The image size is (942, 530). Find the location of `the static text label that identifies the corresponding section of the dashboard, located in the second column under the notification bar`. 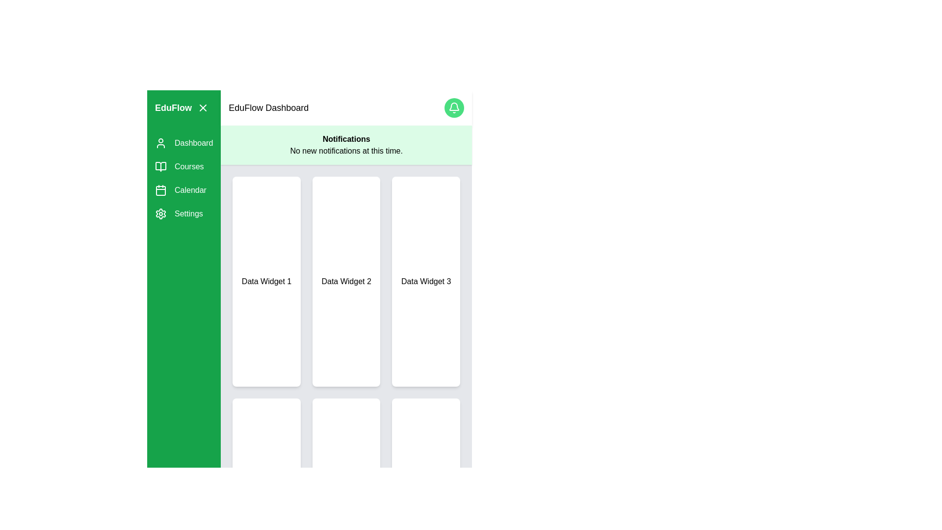

the static text label that identifies the corresponding section of the dashboard, located in the second column under the notification bar is located at coordinates (346, 282).